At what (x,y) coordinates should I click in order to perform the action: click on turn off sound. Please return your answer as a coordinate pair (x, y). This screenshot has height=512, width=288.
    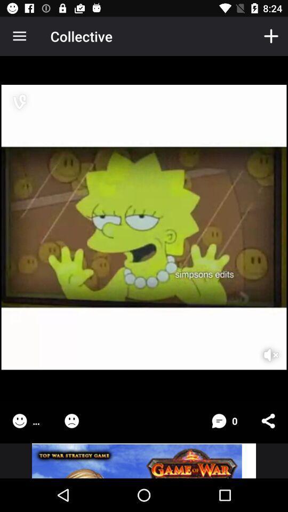
    Looking at the image, I should click on (263, 347).